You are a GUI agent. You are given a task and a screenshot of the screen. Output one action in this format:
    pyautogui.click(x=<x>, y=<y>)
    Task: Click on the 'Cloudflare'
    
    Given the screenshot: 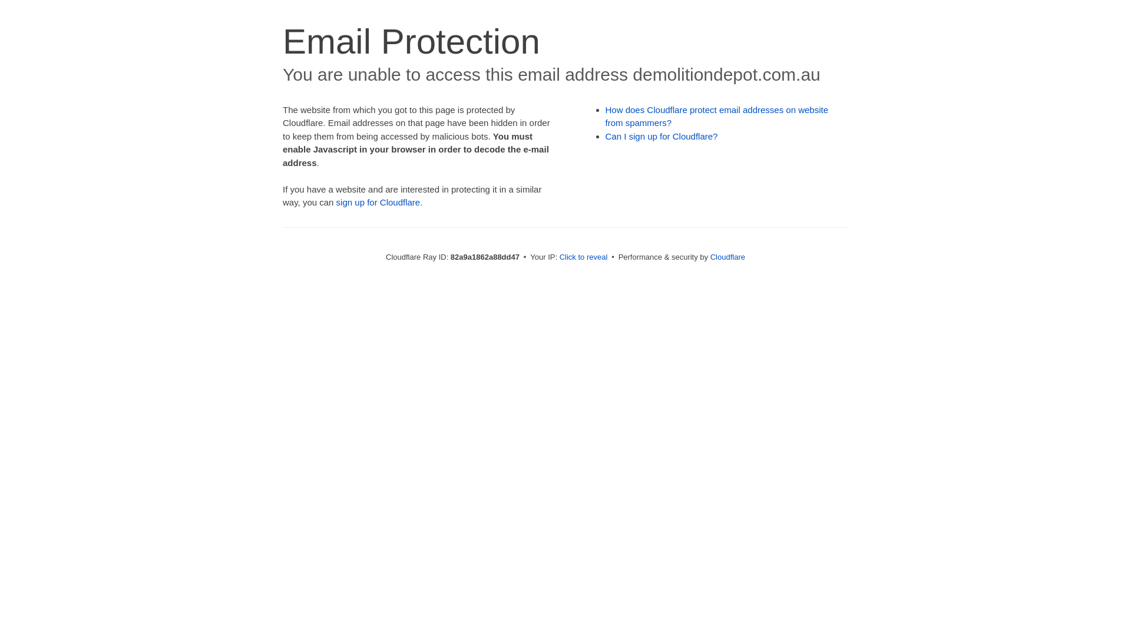 What is the action you would take?
    pyautogui.click(x=727, y=256)
    